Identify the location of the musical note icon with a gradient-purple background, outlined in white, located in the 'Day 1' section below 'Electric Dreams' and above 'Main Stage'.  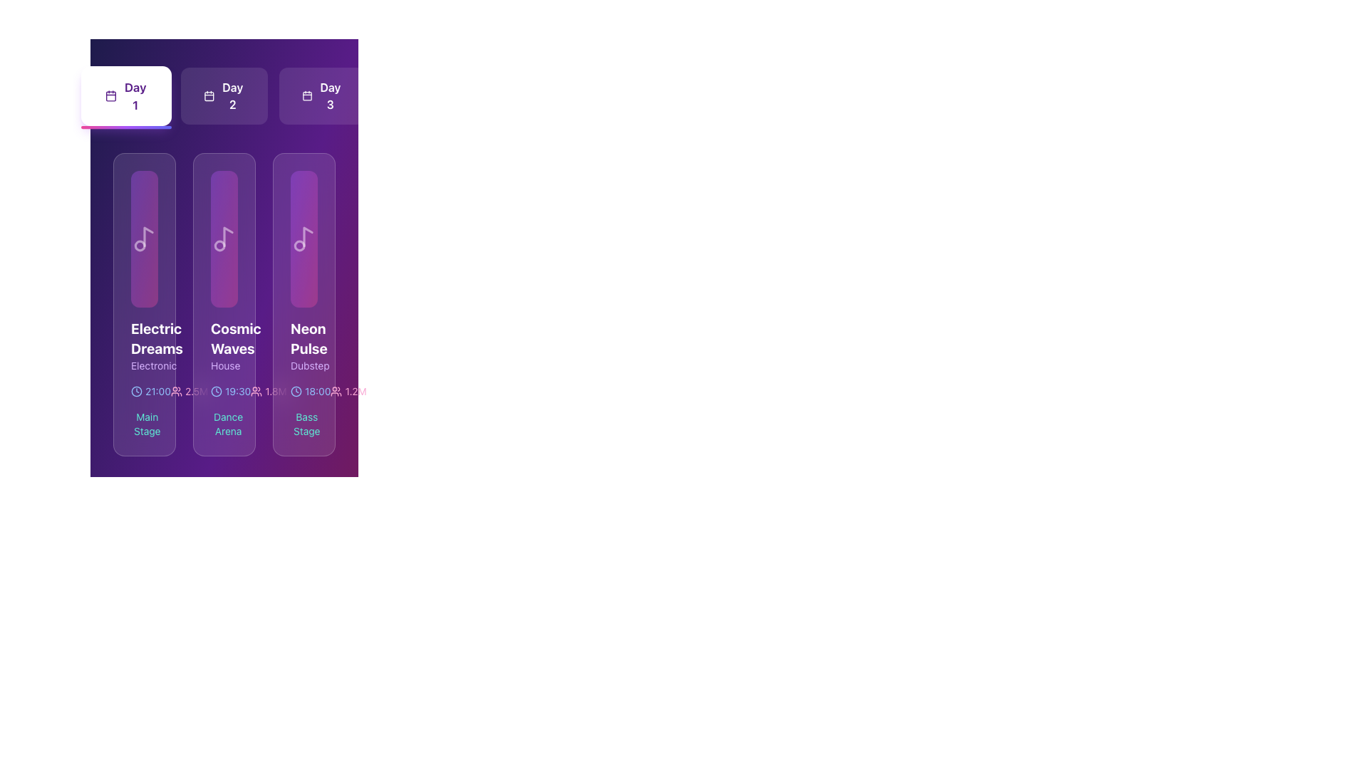
(144, 238).